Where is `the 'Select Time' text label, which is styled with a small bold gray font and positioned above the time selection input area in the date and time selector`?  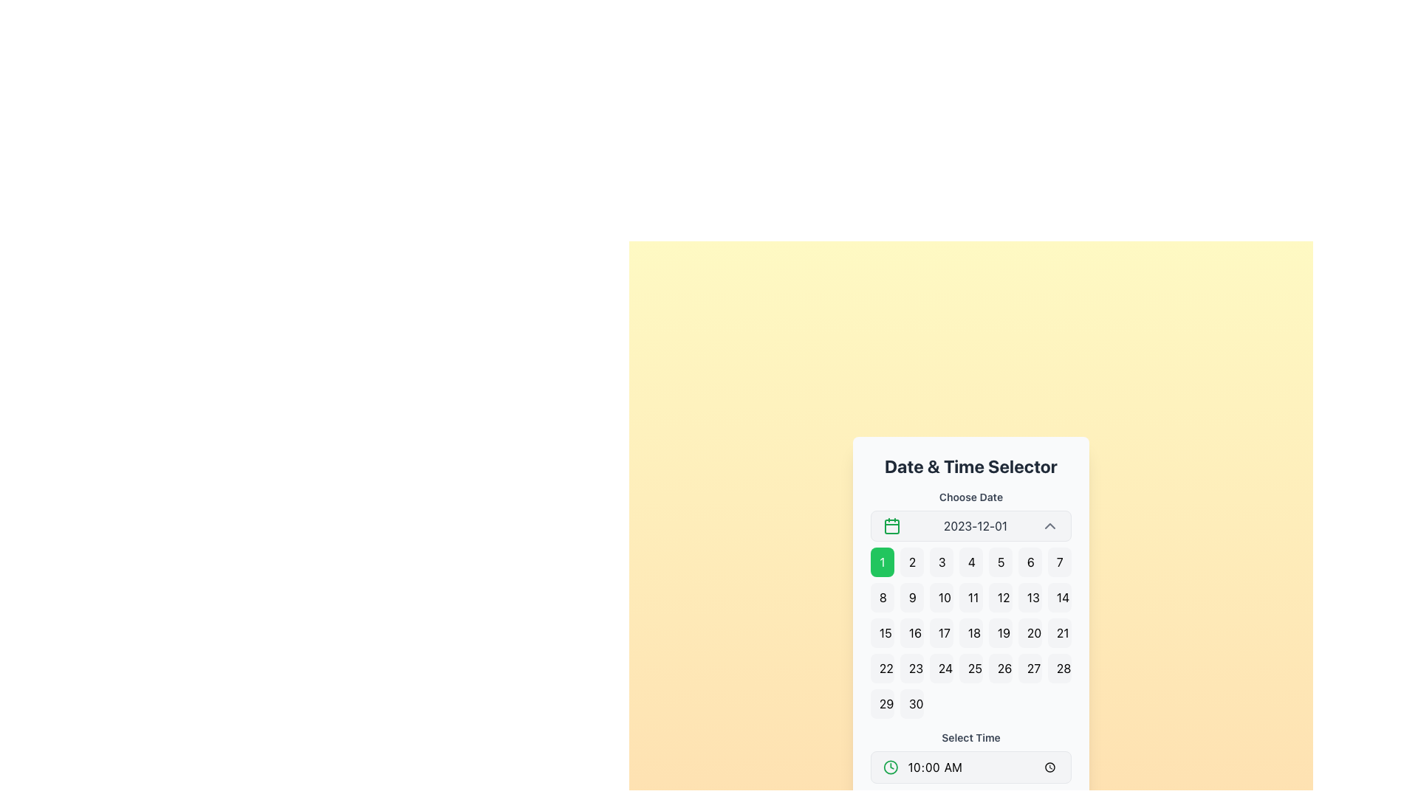 the 'Select Time' text label, which is styled with a small bold gray font and positioned above the time selection input area in the date and time selector is located at coordinates (971, 737).